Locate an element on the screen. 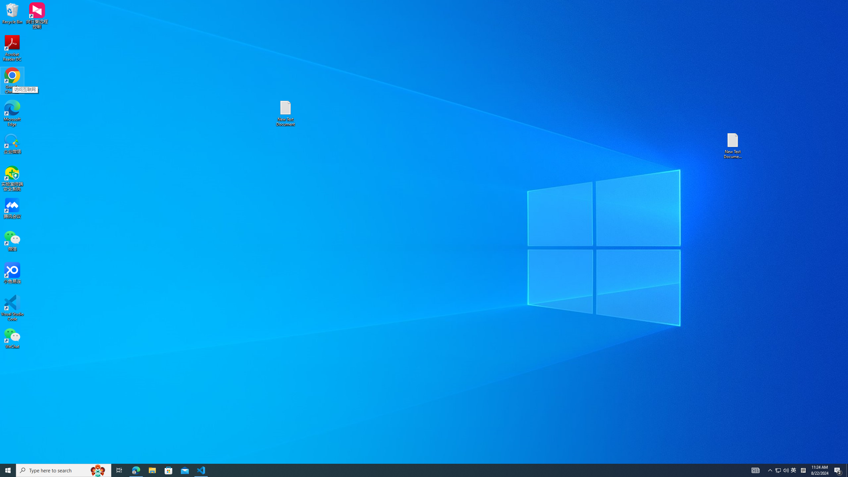 The width and height of the screenshot is (848, 477). 'Visual Studio Code - 1 running window' is located at coordinates (201, 470).